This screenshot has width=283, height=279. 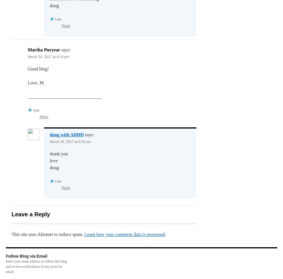 What do you see at coordinates (48, 234) in the screenshot?
I see `'This site uses Akismet to reduce spam.'` at bounding box center [48, 234].